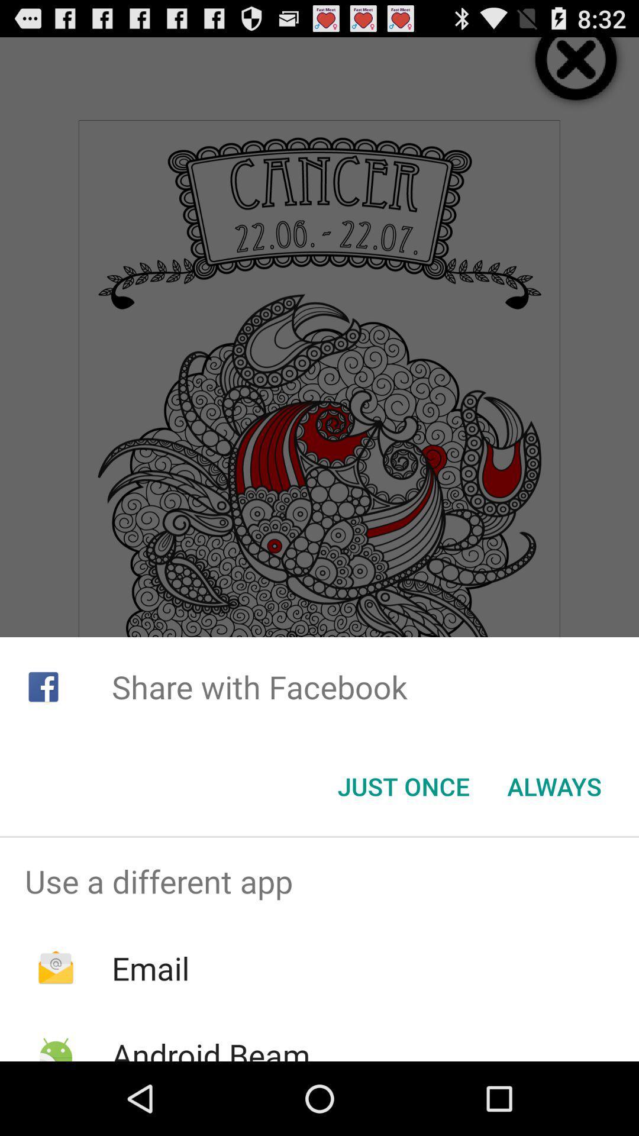  Describe the element at coordinates (554, 786) in the screenshot. I see `the always button` at that location.